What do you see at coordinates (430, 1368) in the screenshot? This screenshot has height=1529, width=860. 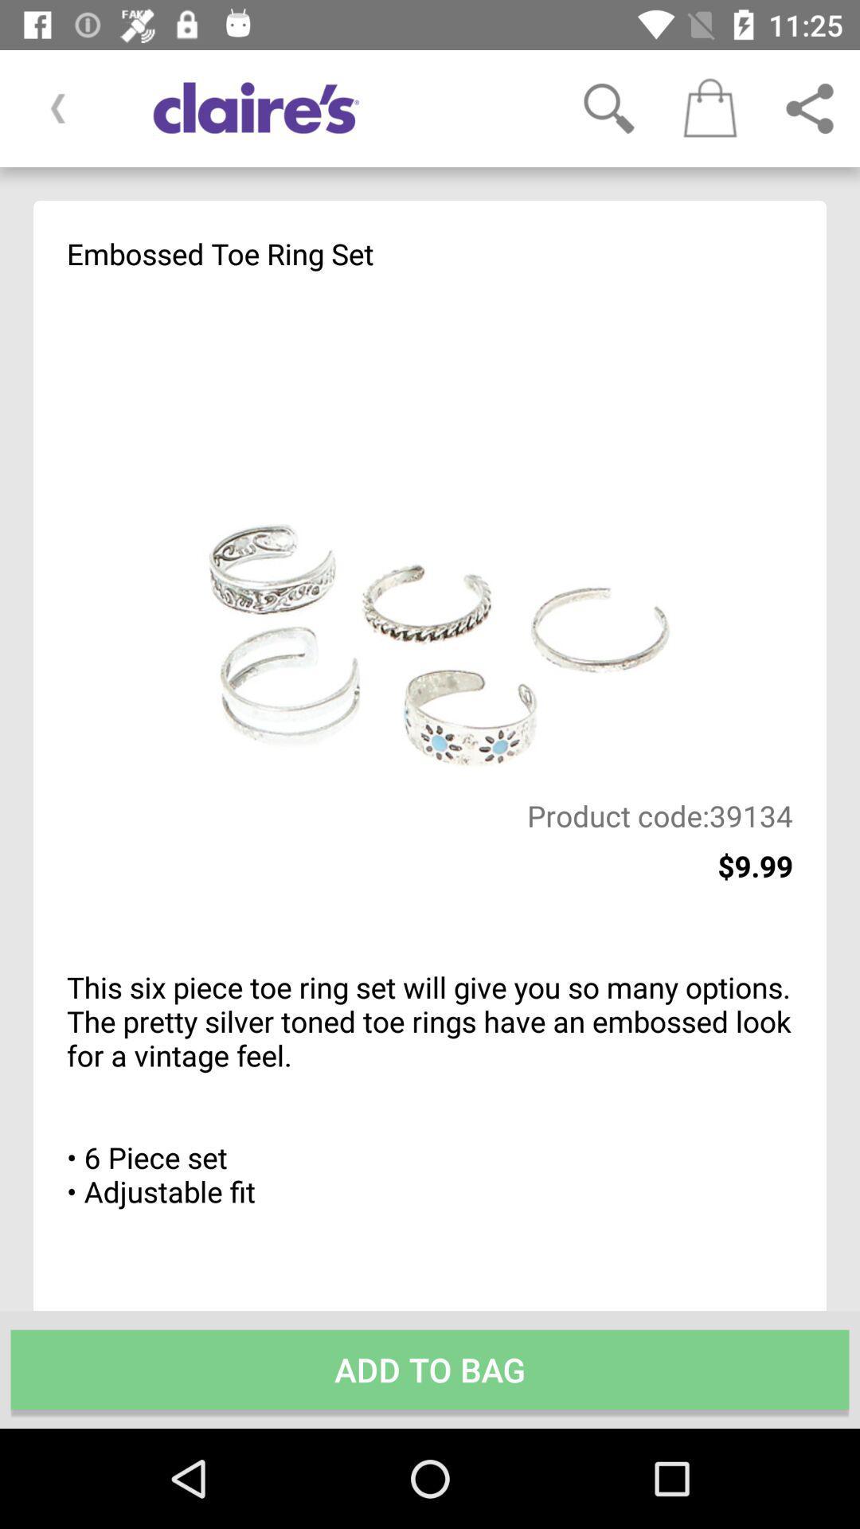 I see `add to bag button` at bounding box center [430, 1368].